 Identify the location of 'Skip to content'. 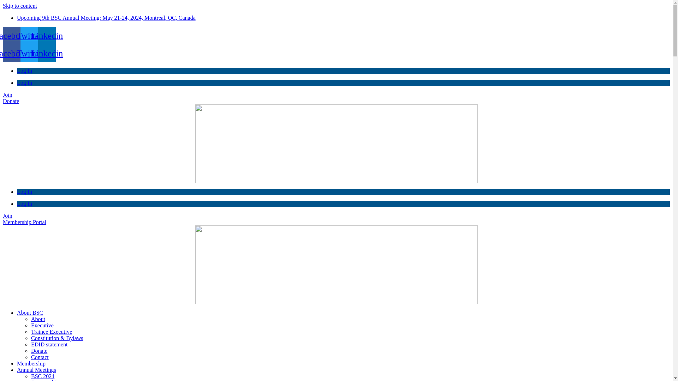
(20, 6).